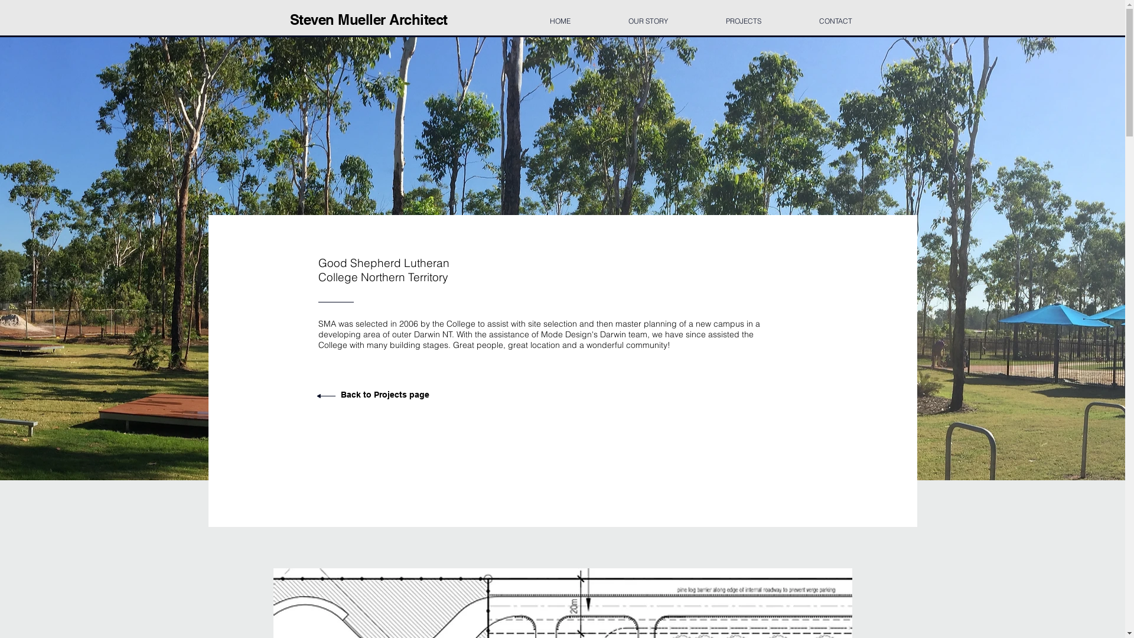  I want to click on 'Back to Projects page', so click(384, 394).